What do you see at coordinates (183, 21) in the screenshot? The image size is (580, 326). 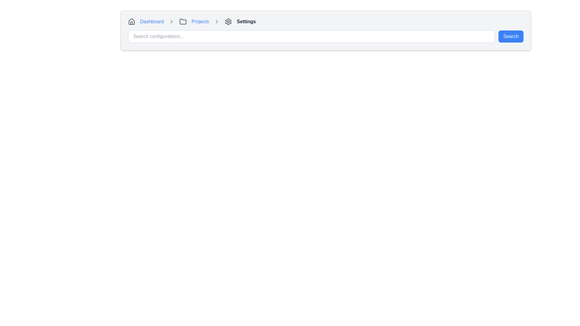 I see `the folder icon indicating navigation related to the 'Projects' section located at the top of the interface` at bounding box center [183, 21].